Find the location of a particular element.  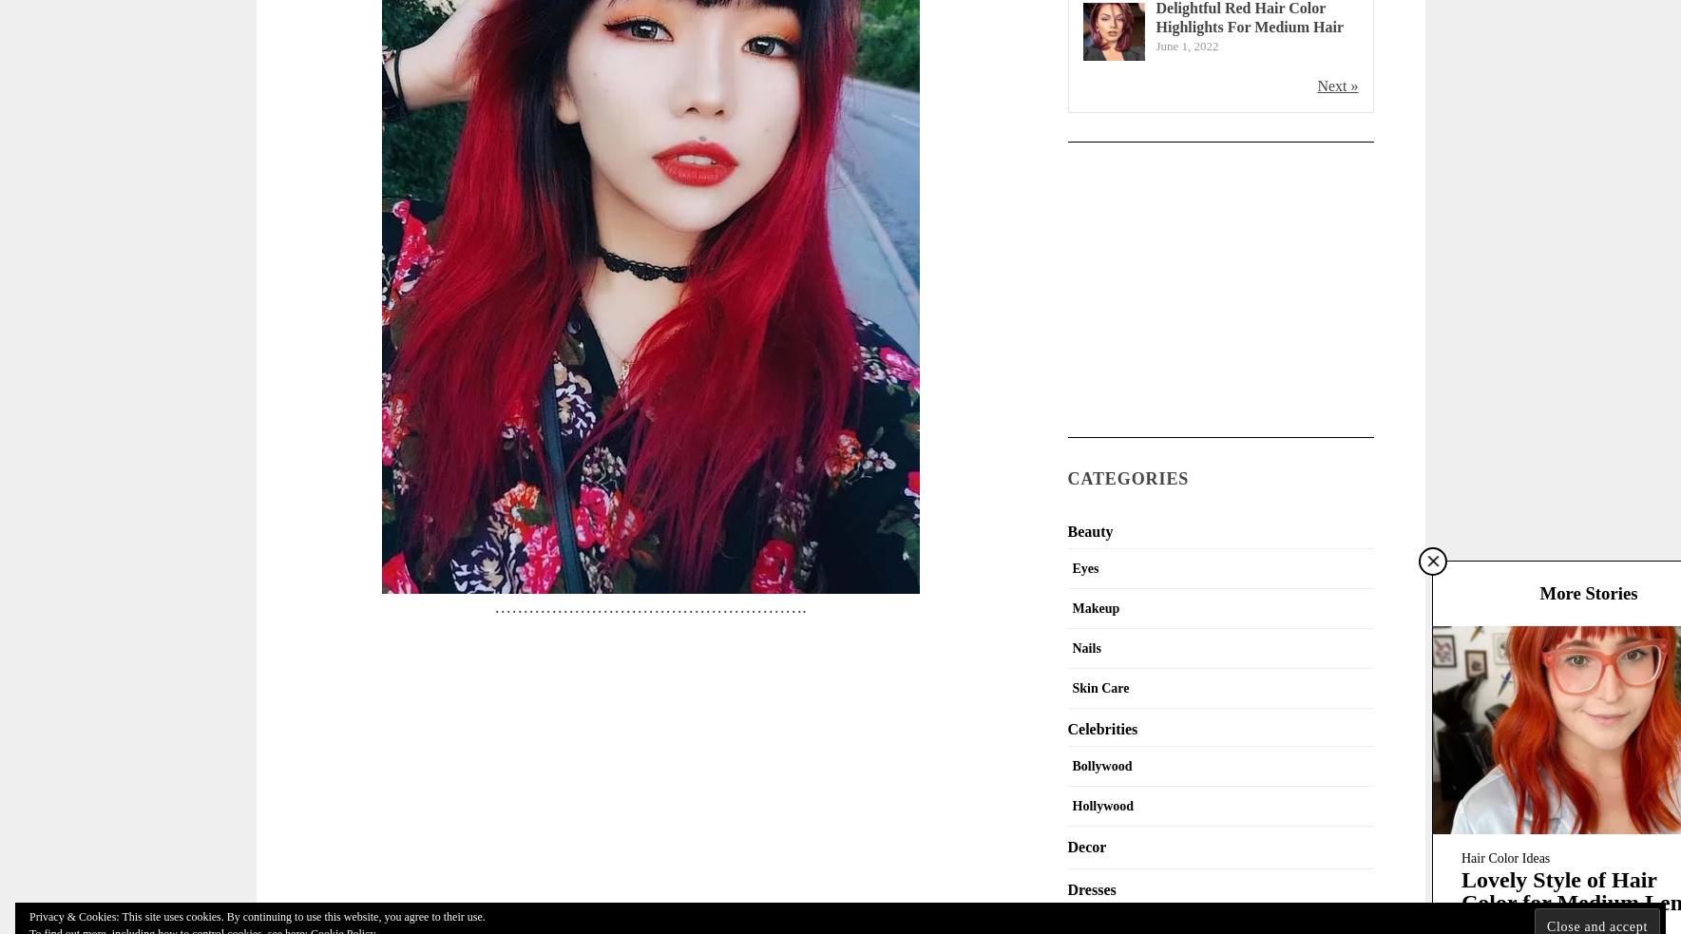

'Dresses' is located at coordinates (1090, 888).